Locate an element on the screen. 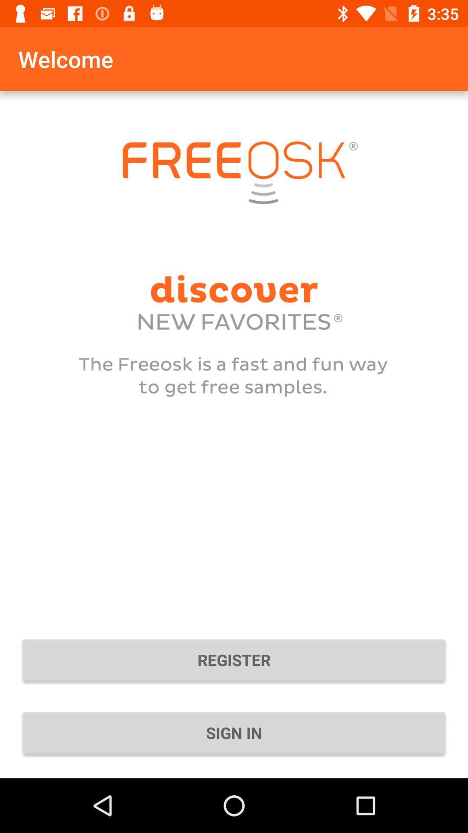 This screenshot has height=833, width=468. sign in is located at coordinates (234, 732).